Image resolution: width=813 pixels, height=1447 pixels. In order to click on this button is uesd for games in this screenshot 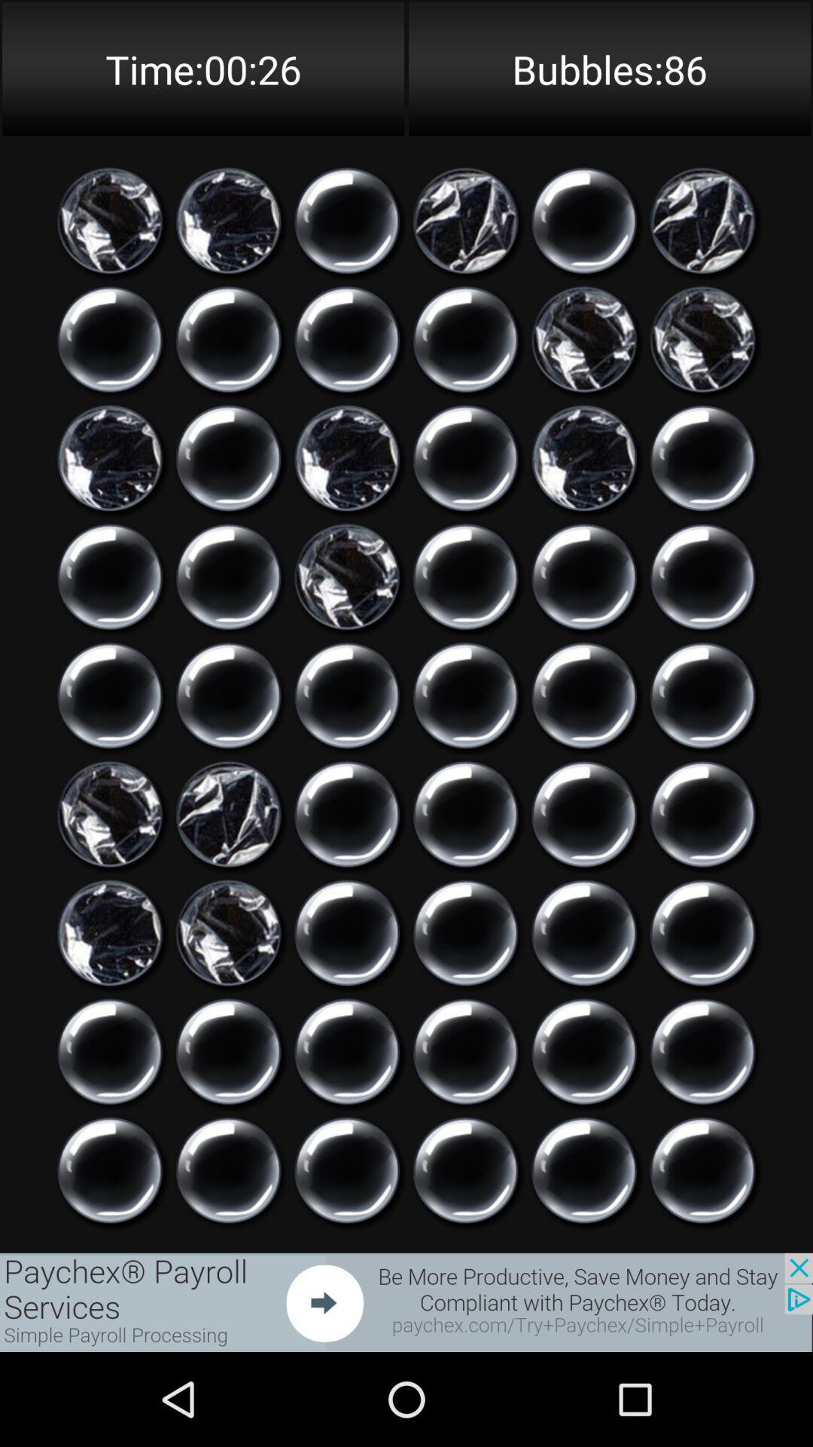, I will do `click(347, 457)`.